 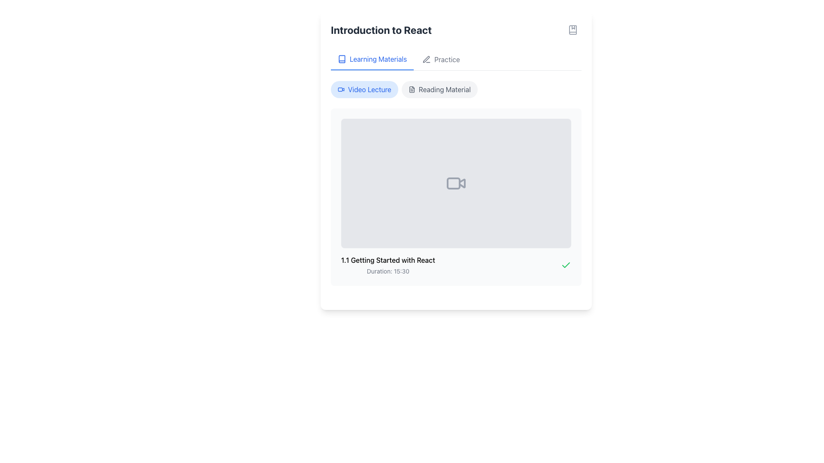 I want to click on the text label styled in a small gray font that reads 'Duration: 15:30', located below '1.1 Getting Started with React', so click(x=388, y=271).